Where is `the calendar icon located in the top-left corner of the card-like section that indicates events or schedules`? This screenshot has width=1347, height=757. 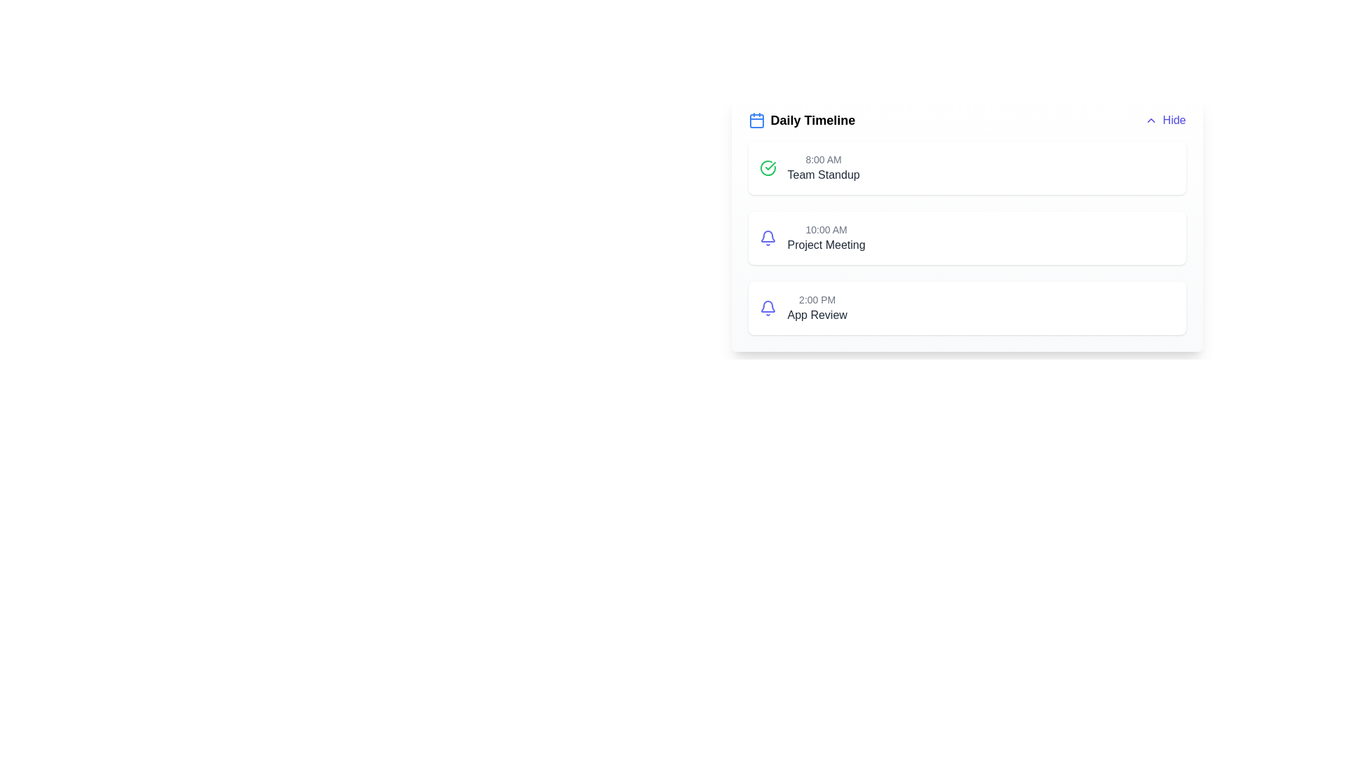 the calendar icon located in the top-left corner of the card-like section that indicates events or schedules is located at coordinates (756, 120).